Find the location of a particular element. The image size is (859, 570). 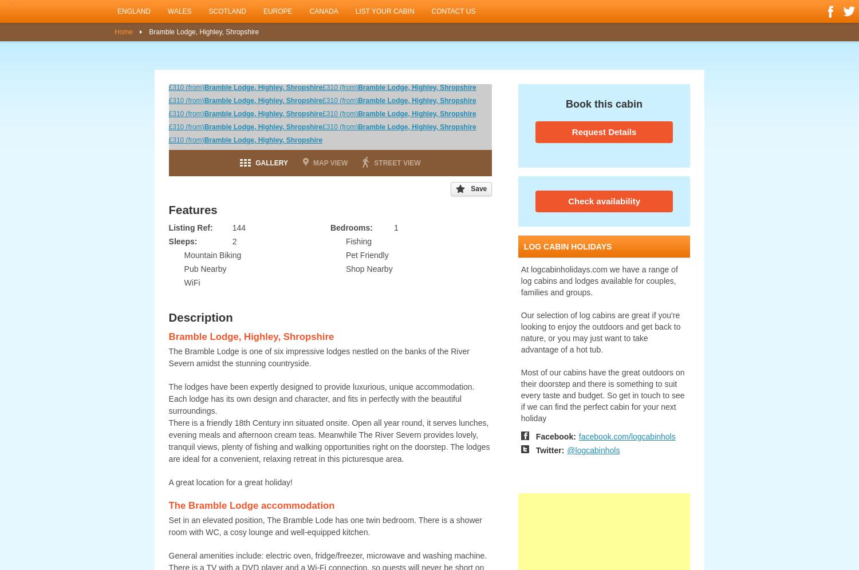

'Check availability' is located at coordinates (604, 201).